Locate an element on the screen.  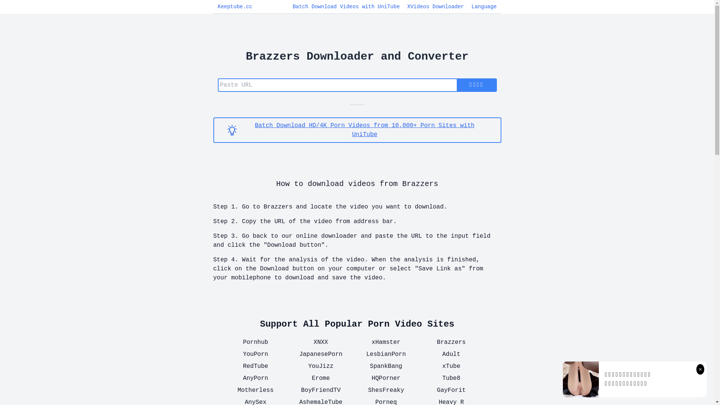
'GayForit' is located at coordinates (451, 390).